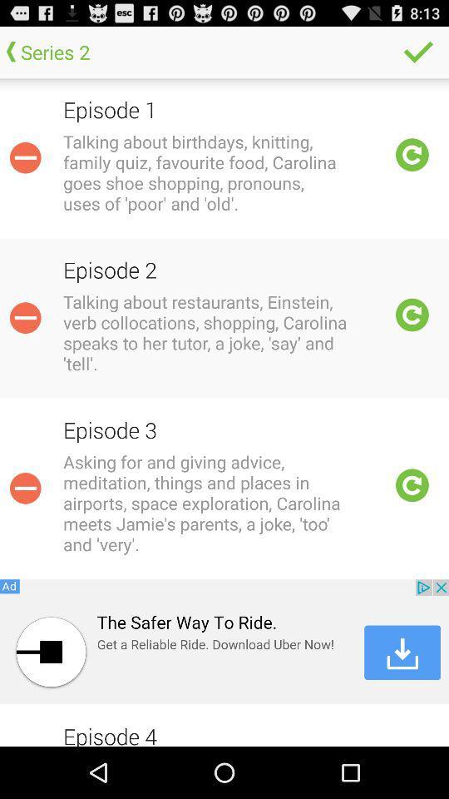 The height and width of the screenshot is (799, 449). I want to click on remove, so click(24, 317).